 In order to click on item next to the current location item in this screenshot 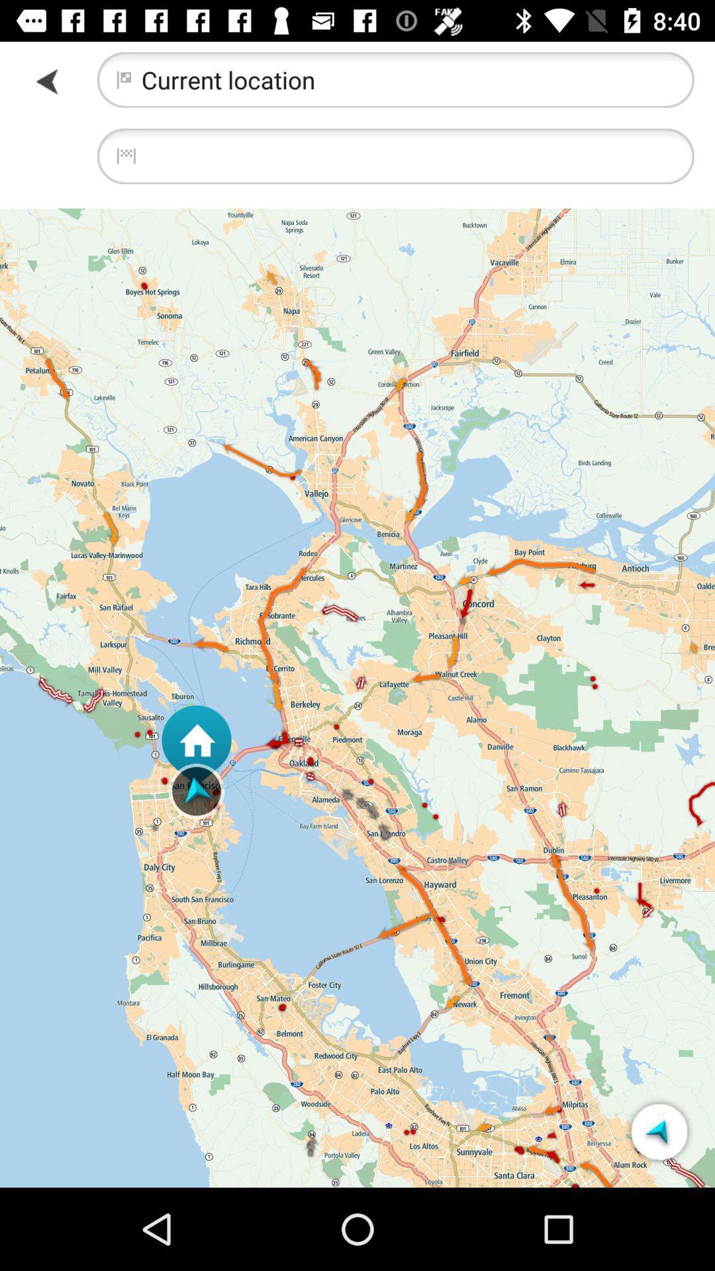, I will do `click(48, 80)`.